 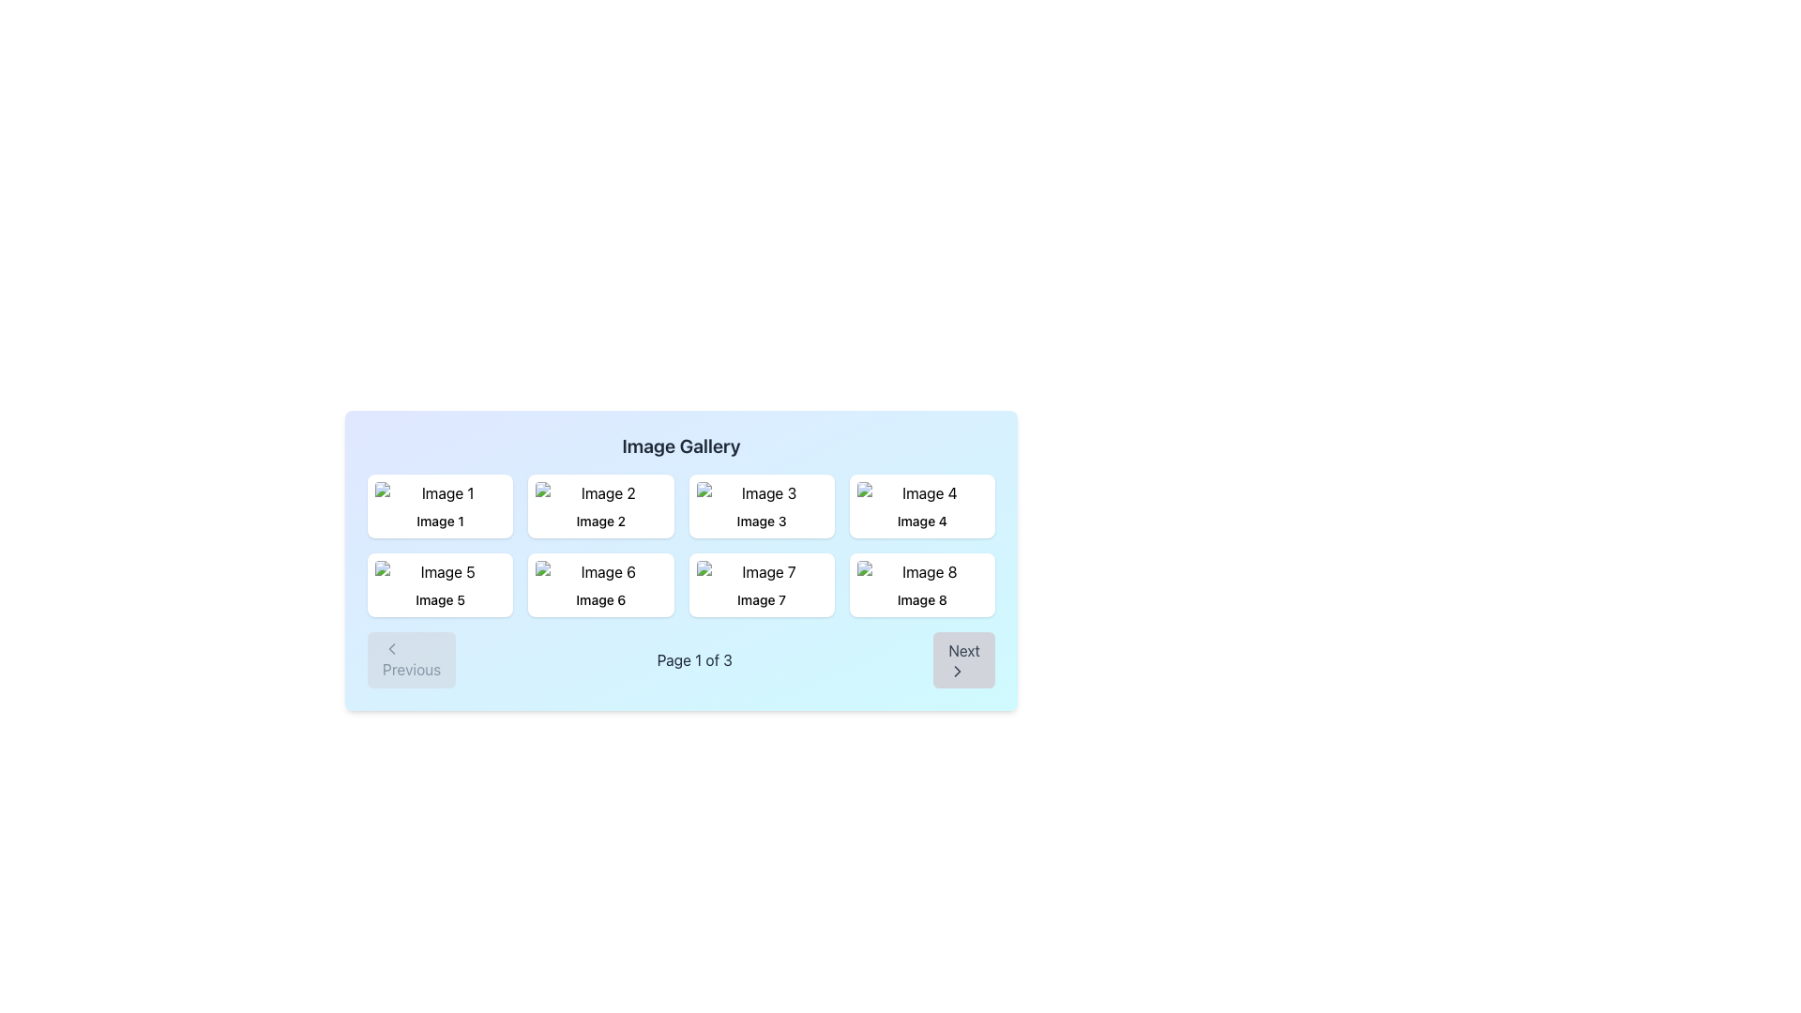 What do you see at coordinates (600, 521) in the screenshot?
I see `text label displaying 'Image 2' which is located below the thumbnail image in the second column of the first row of the interactive image gallery` at bounding box center [600, 521].